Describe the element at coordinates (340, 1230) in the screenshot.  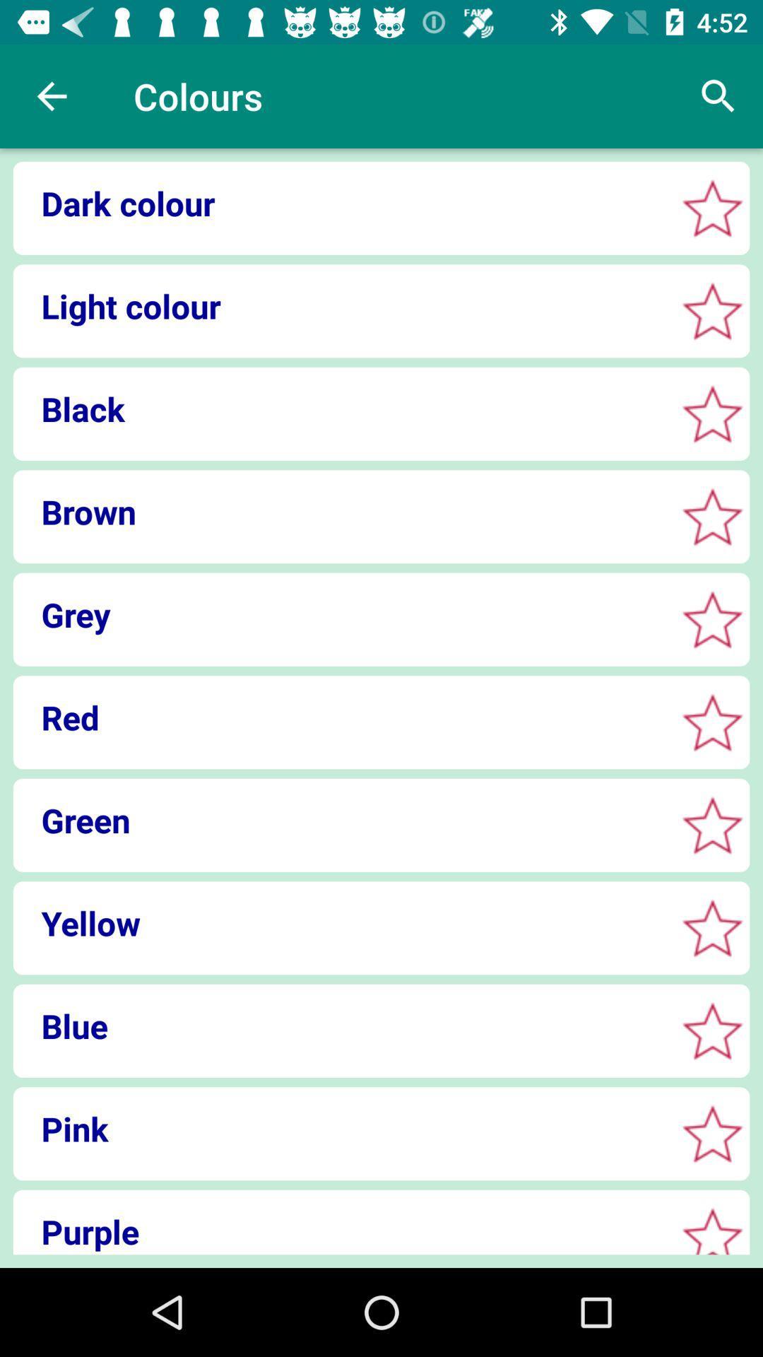
I see `item below pink item` at that location.